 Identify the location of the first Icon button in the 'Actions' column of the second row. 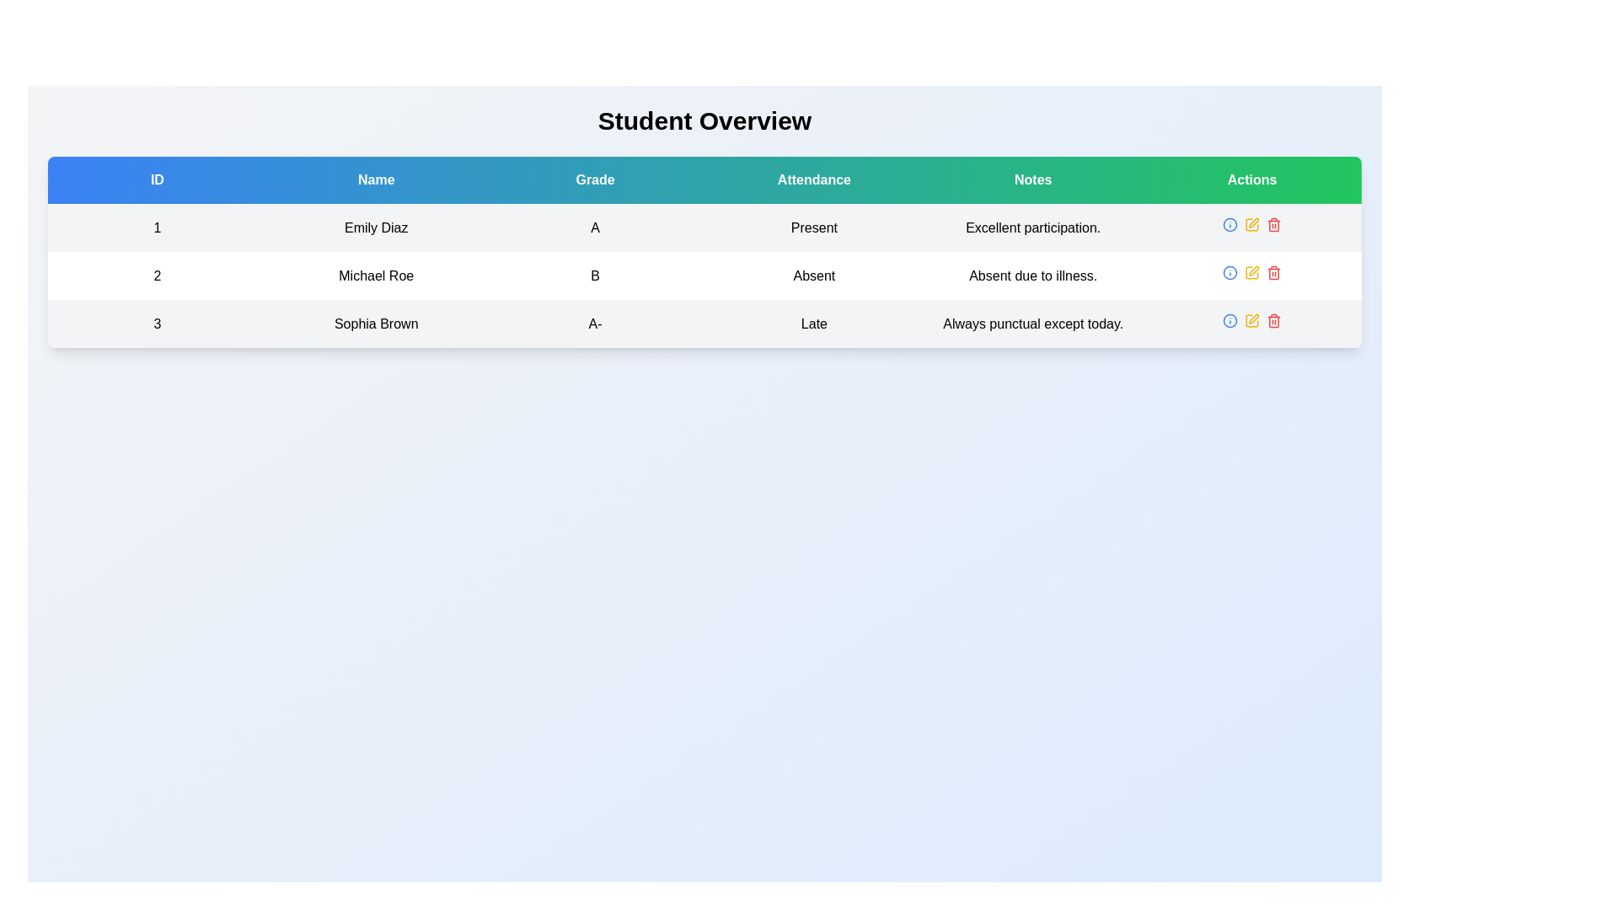
(1230, 223).